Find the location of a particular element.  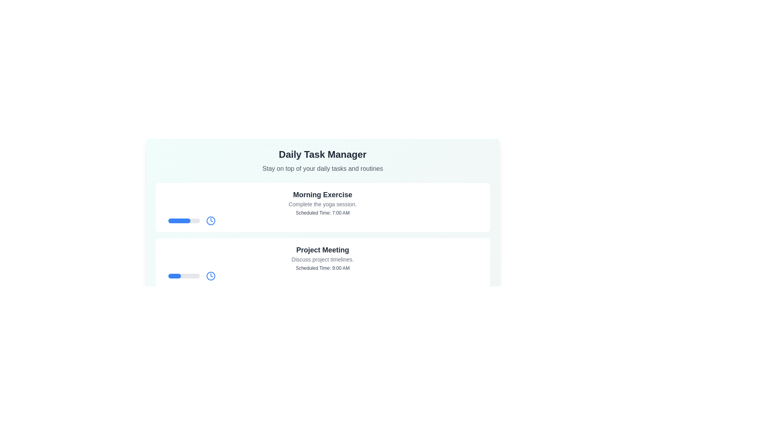

the icon indicating the scheduled time of the task 'Morning Exercise', which is located in the second row of the task list, next to its progress bar is located at coordinates (211, 220).